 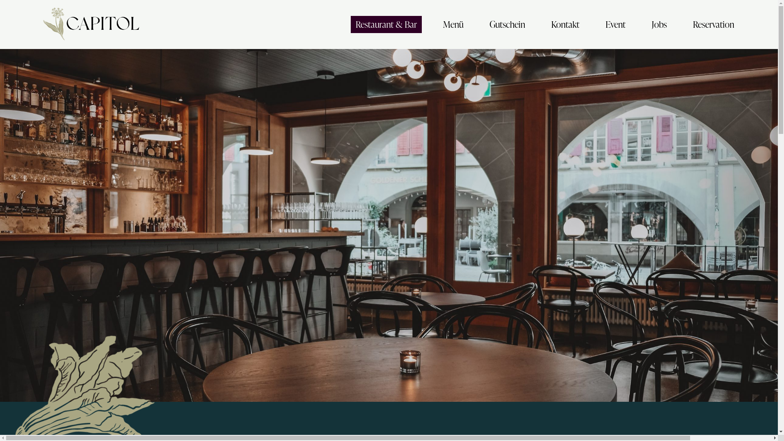 I want to click on 'Restaurant & Bar', so click(x=385, y=24).